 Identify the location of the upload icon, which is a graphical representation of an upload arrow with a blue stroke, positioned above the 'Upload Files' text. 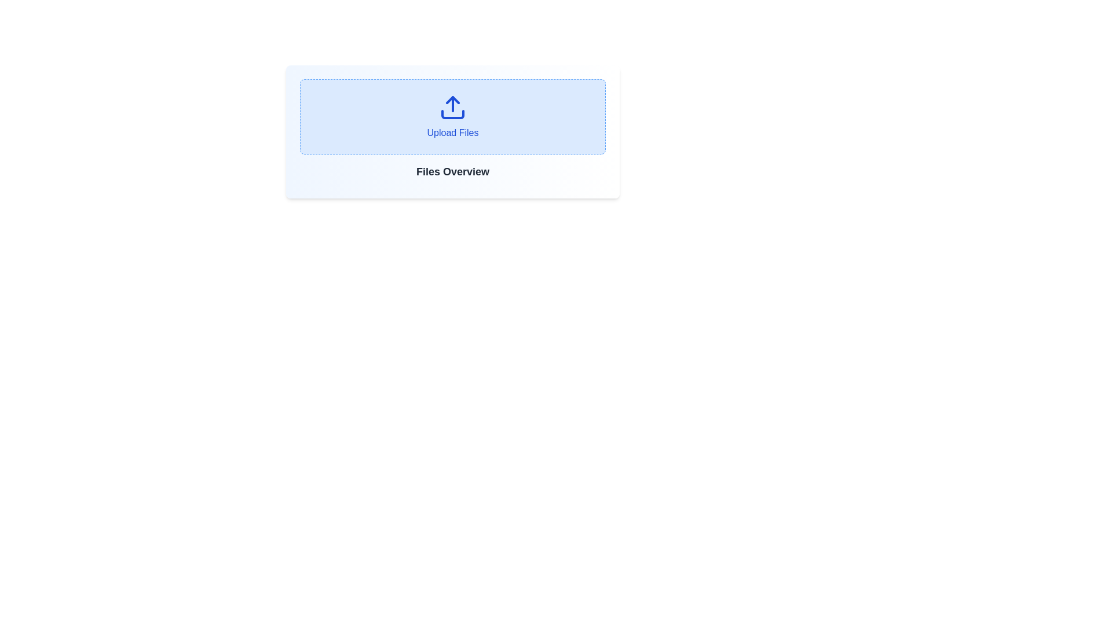
(452, 107).